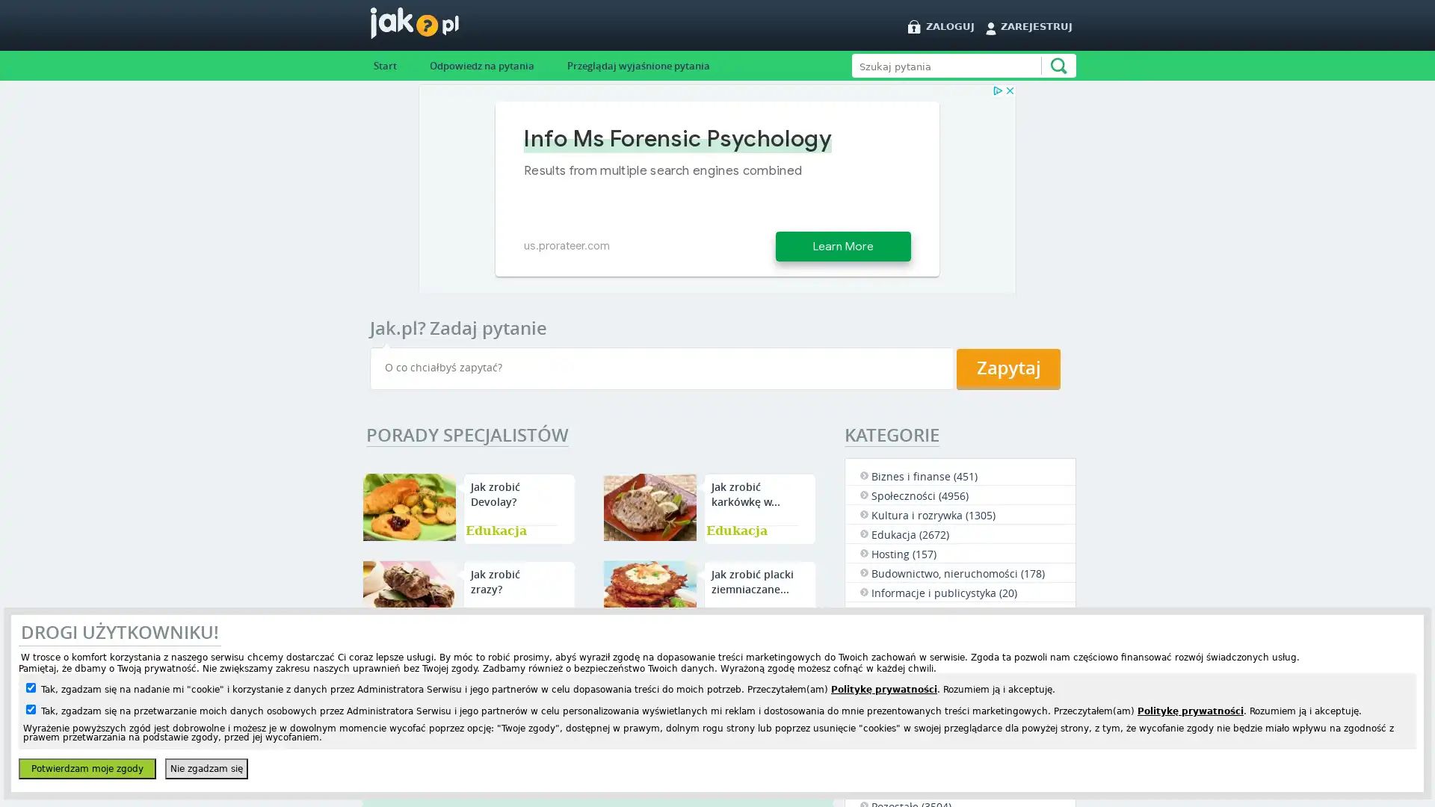 This screenshot has width=1435, height=807. What do you see at coordinates (868, 91) in the screenshot?
I see `Szukaj` at bounding box center [868, 91].